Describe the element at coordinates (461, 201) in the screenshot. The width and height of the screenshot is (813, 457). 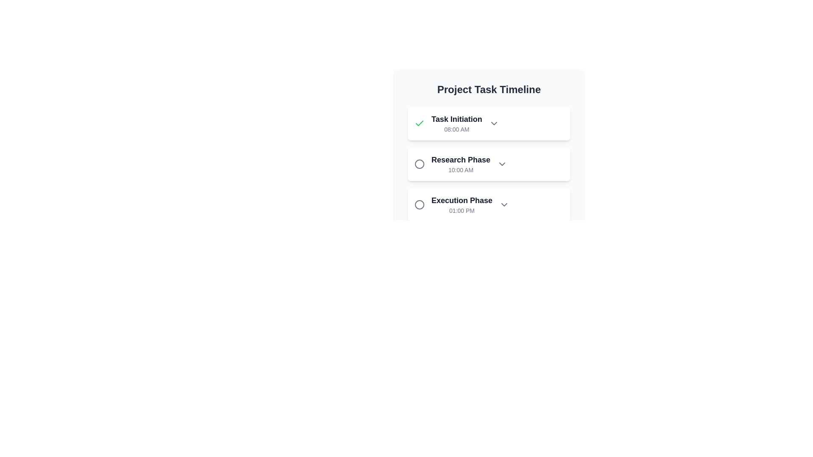
I see `the bold text label that reads 'Execution Phase' within the timeline interface, which is located between the 'Research Phase' and subsequent items` at that location.